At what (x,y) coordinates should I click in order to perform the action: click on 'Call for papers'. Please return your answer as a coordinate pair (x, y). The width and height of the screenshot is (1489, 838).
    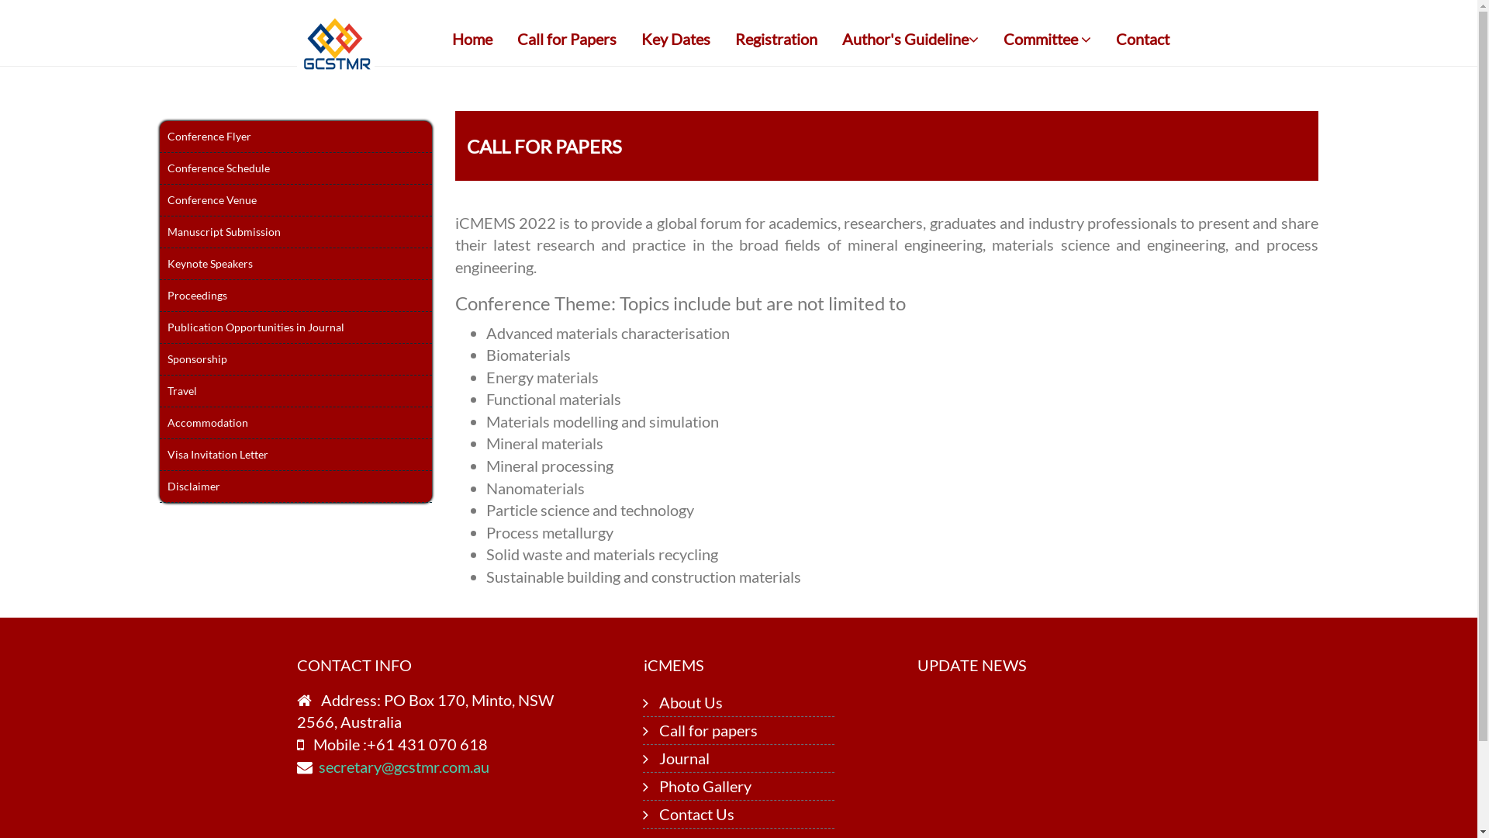
    Looking at the image, I should click on (658, 730).